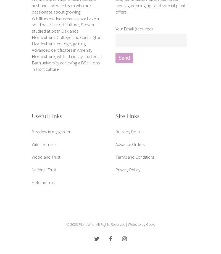 The height and width of the screenshot is (254, 221). What do you see at coordinates (44, 143) in the screenshot?
I see `'Wildlife Trusts'` at bounding box center [44, 143].